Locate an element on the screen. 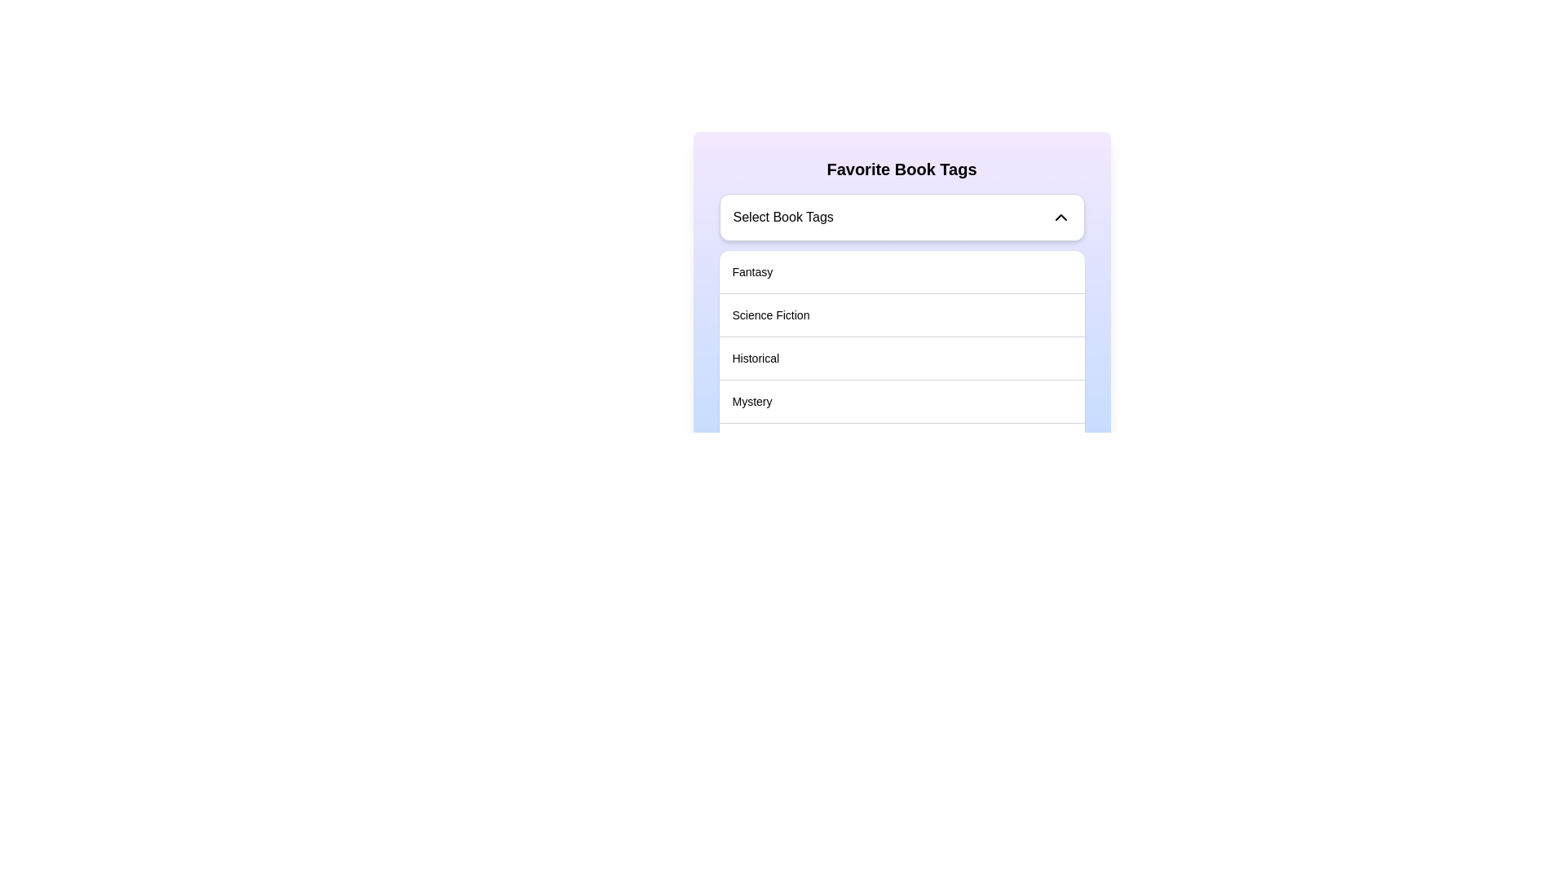  the fourth item in the 'Favorite Book Tags' section of the list, which represents a selectable category or tag option for book genres is located at coordinates (901, 401).